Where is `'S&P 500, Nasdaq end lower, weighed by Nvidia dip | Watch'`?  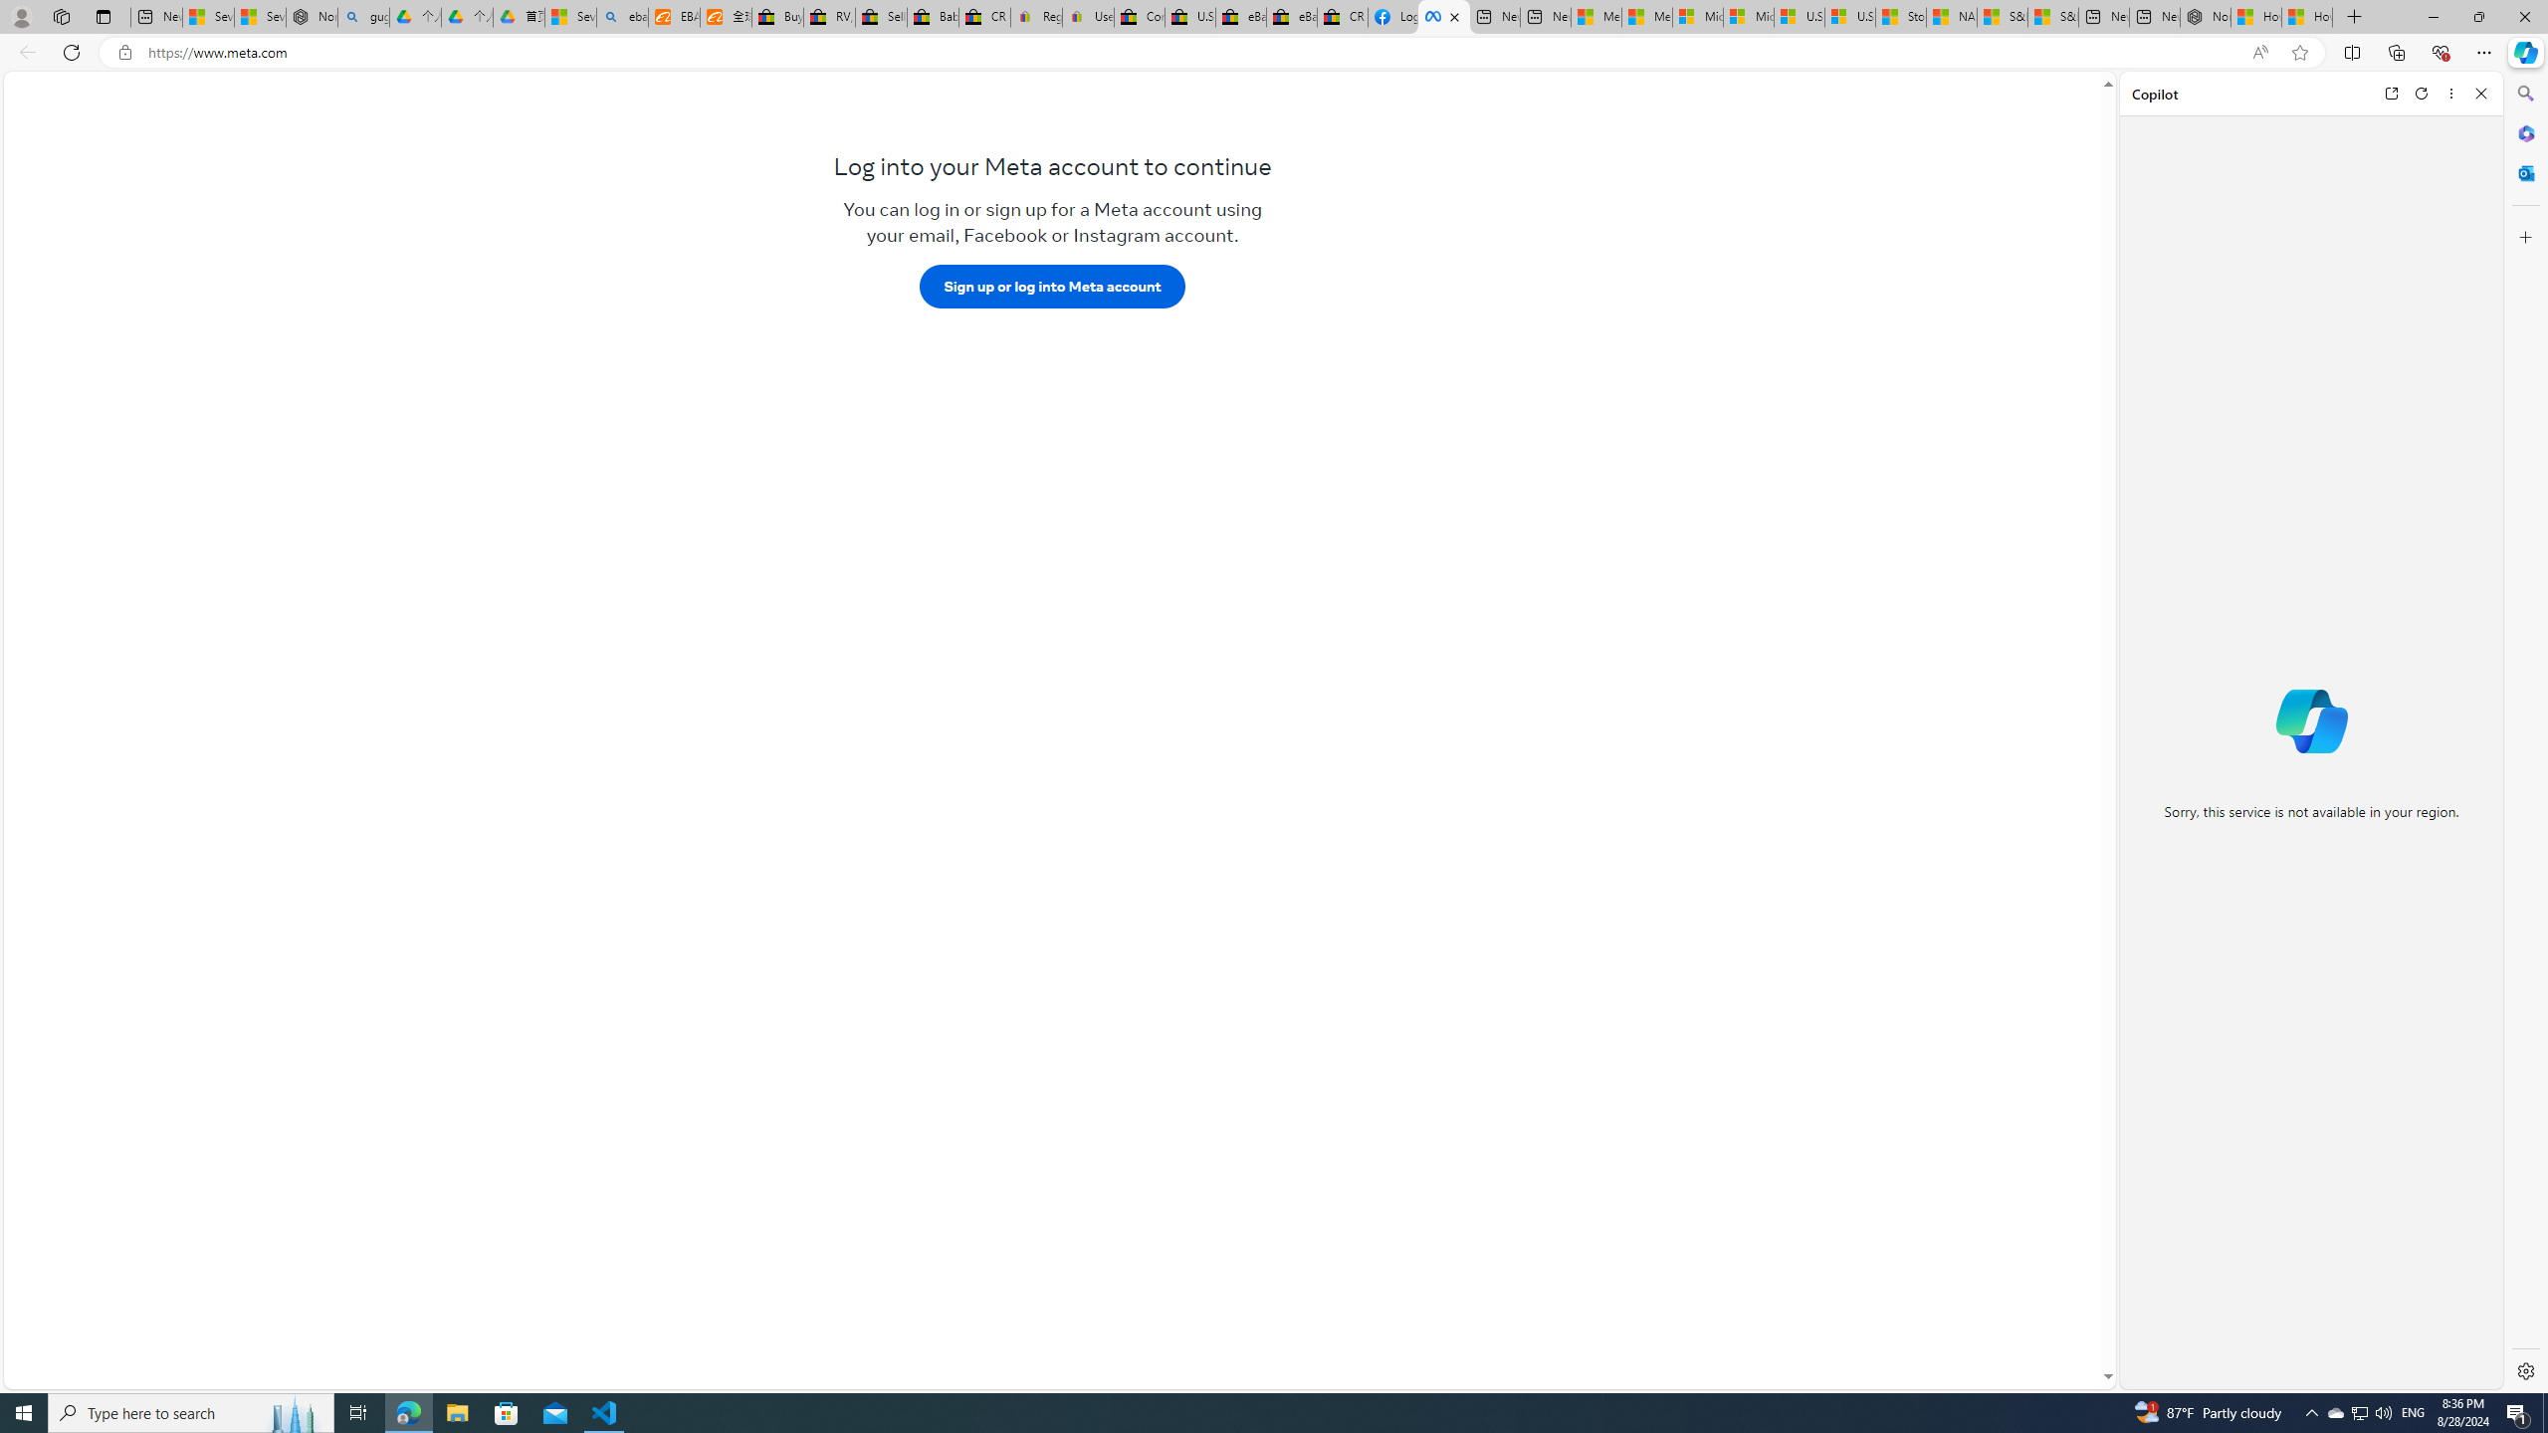
'S&P 500, Nasdaq end lower, weighed by Nvidia dip | Watch' is located at coordinates (2052, 16).